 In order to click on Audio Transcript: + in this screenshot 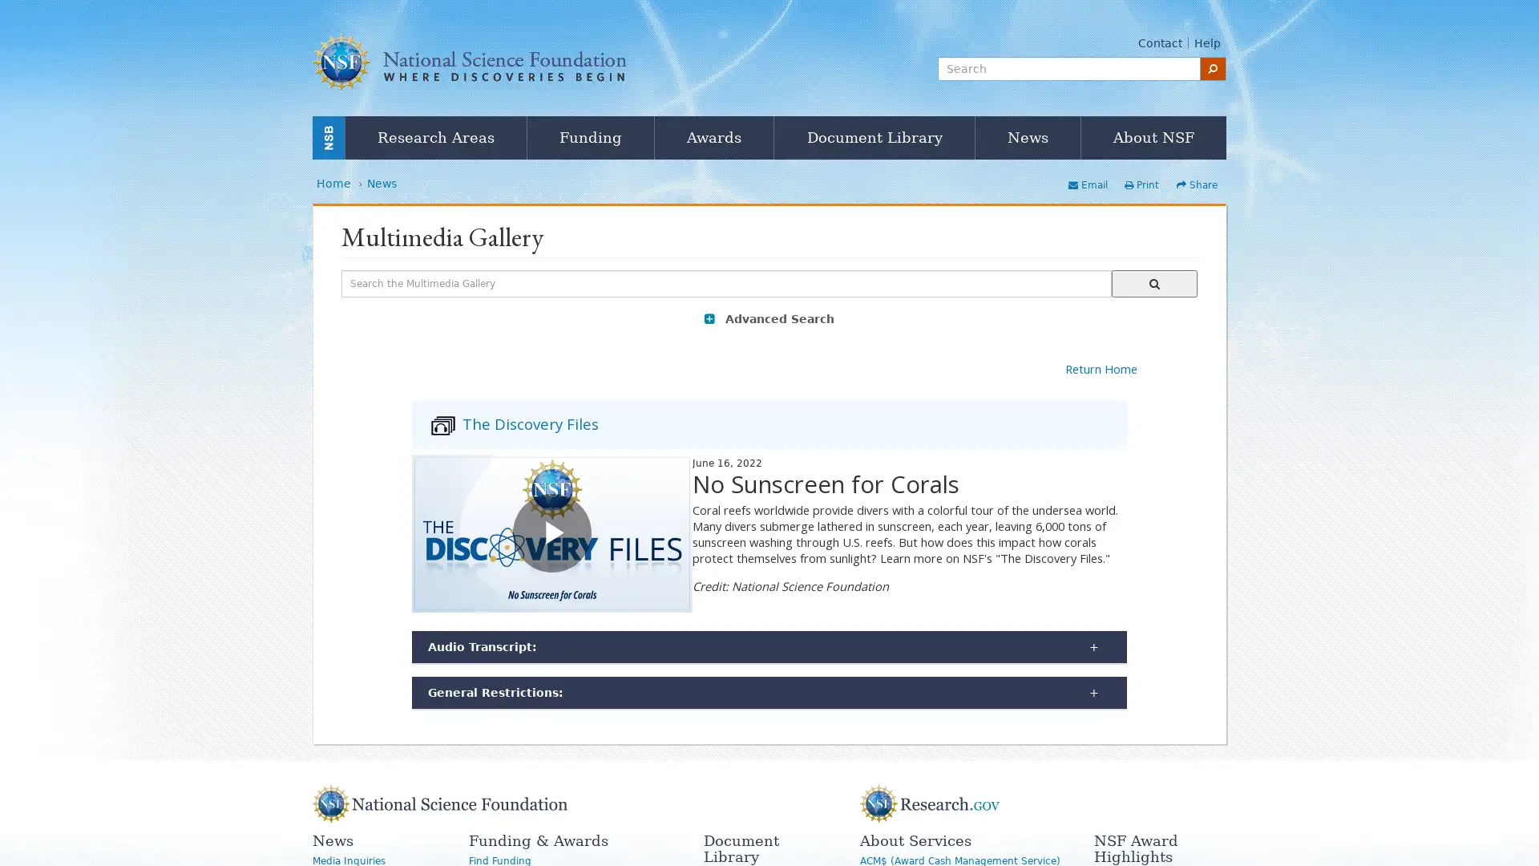, I will do `click(769, 645)`.